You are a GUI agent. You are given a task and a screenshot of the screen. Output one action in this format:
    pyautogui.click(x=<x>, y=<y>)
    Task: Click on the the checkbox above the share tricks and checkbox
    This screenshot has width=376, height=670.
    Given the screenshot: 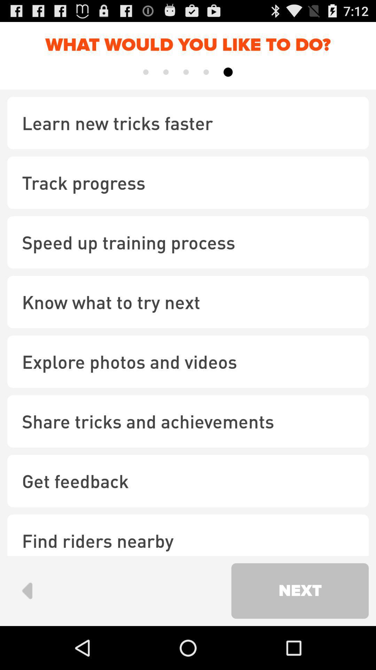 What is the action you would take?
    pyautogui.click(x=188, y=362)
    